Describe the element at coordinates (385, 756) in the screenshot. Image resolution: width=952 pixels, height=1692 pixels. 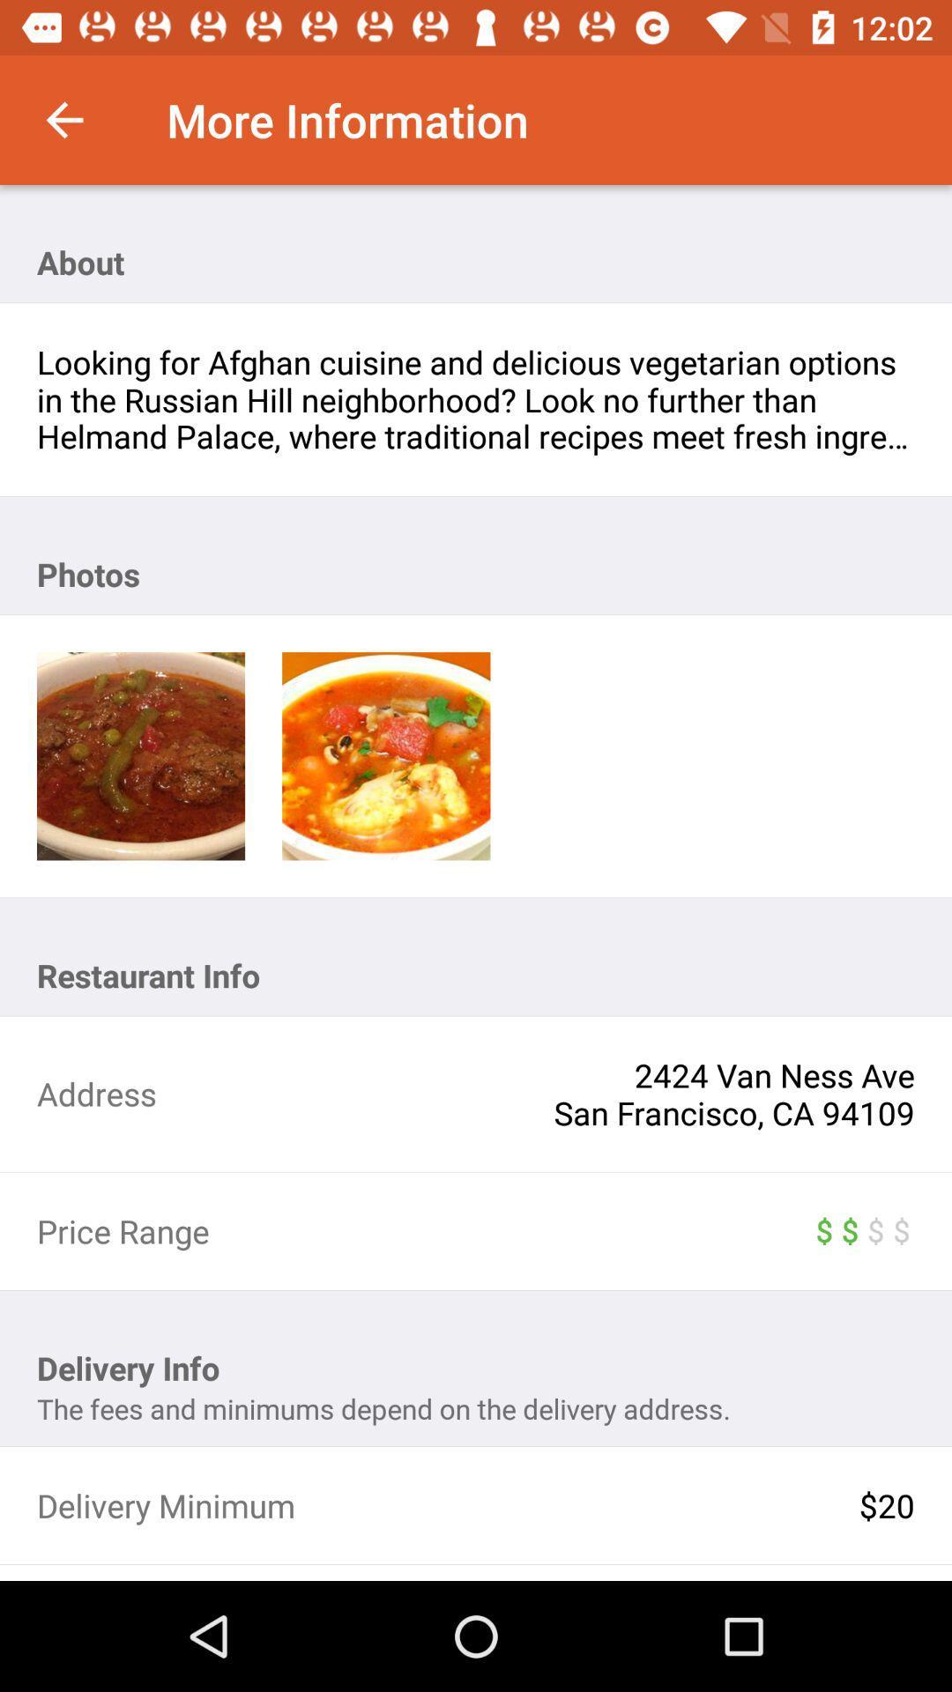
I see `the item below the photos` at that location.